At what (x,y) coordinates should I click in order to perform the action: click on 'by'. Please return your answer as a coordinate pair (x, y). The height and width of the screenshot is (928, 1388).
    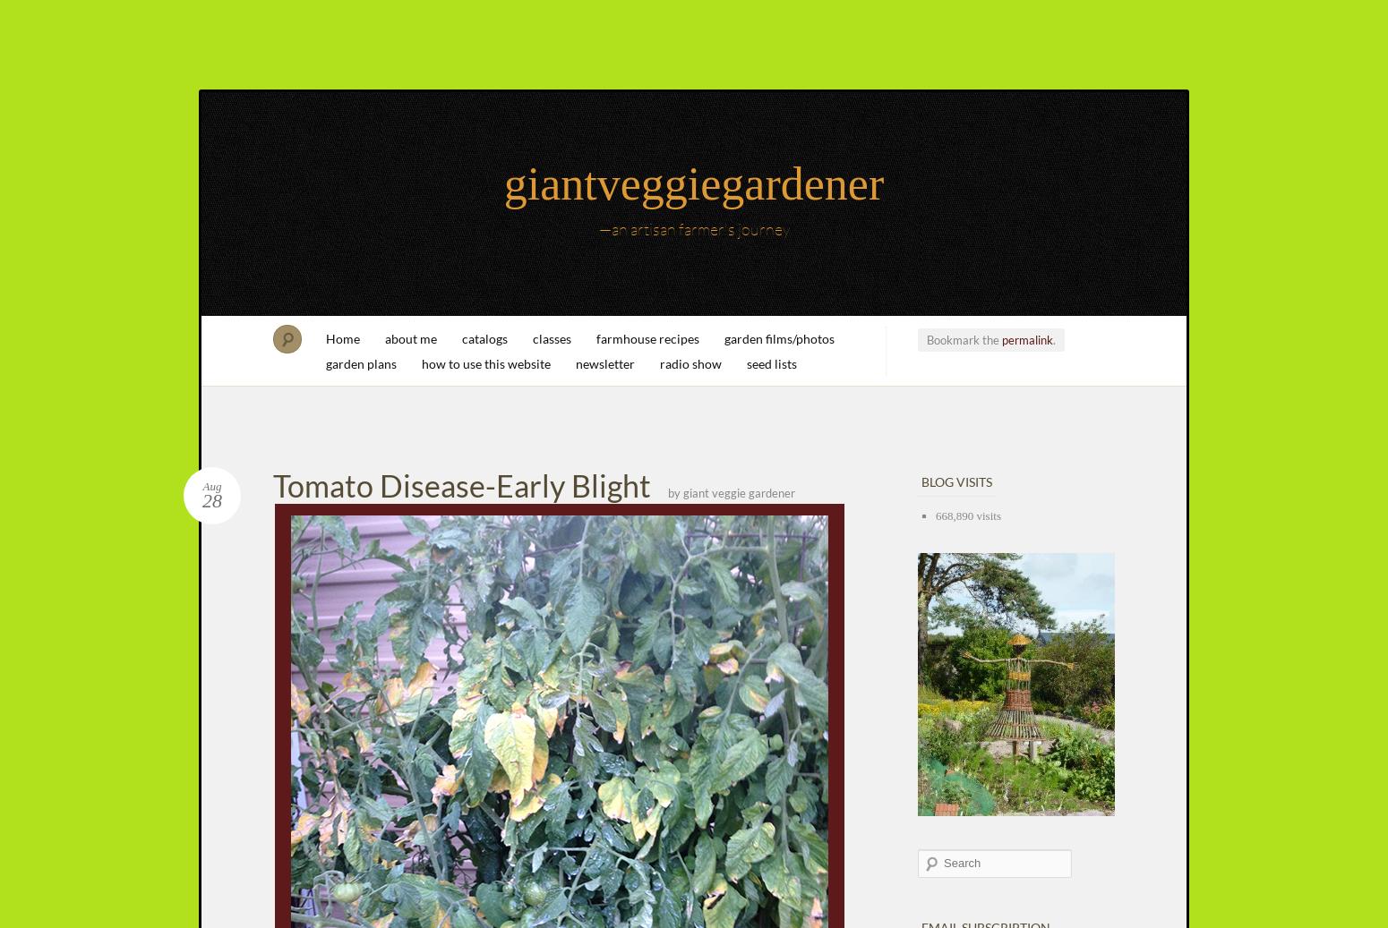
    Looking at the image, I should click on (675, 492).